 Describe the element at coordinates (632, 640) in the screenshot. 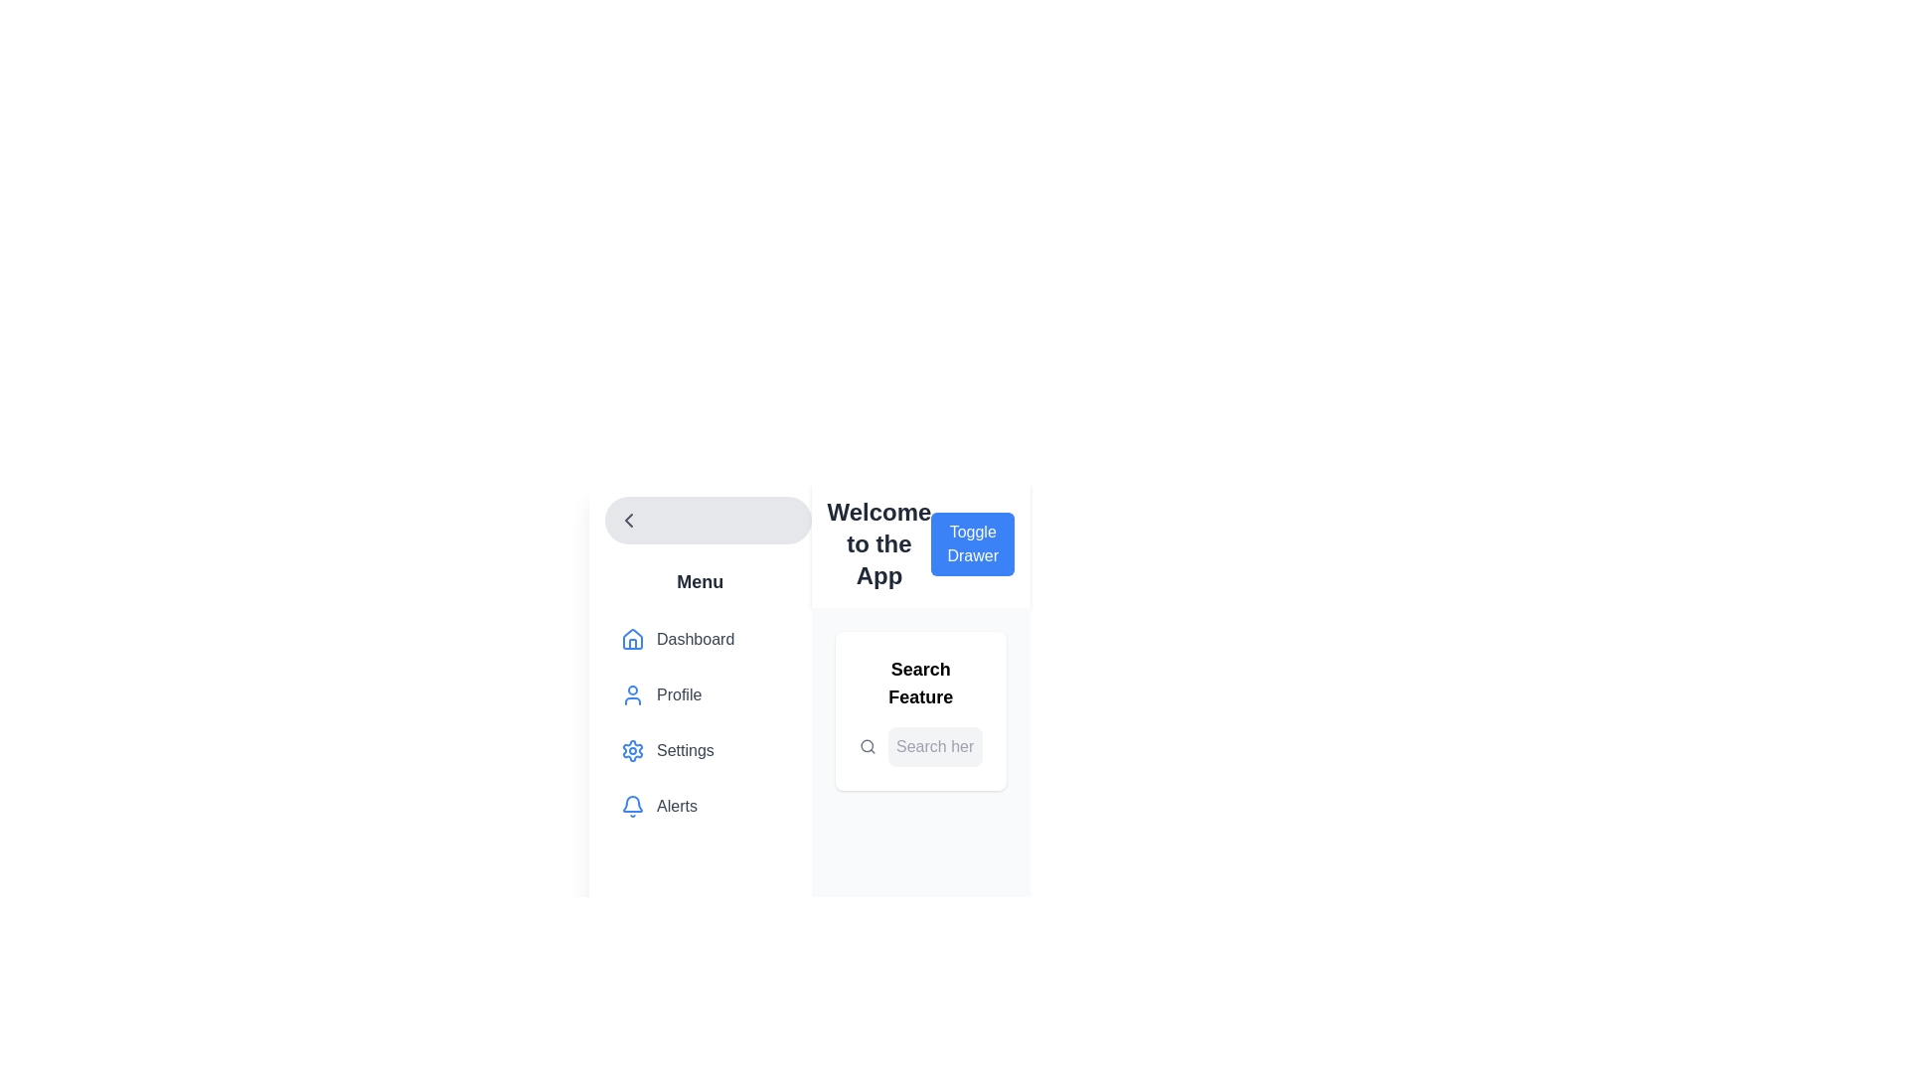

I see `the house-shaped icon with a blue outline that indicates home or dashboard functionality, located to the left of the 'Dashboard' text in the navigation pane` at that location.